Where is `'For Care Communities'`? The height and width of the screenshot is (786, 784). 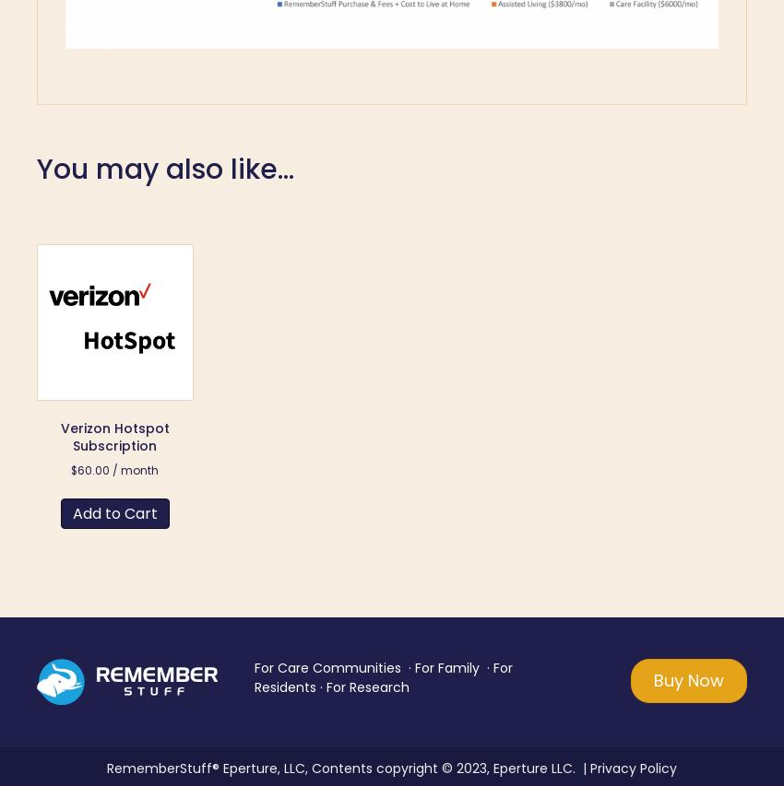
'For Care Communities' is located at coordinates (326, 666).